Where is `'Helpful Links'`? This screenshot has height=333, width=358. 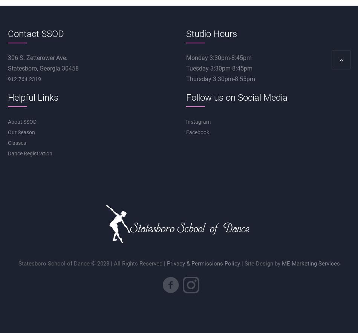 'Helpful Links' is located at coordinates (33, 97).